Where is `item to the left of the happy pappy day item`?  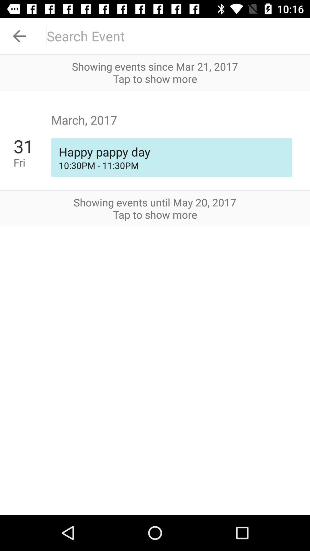
item to the left of the happy pappy day item is located at coordinates (32, 162).